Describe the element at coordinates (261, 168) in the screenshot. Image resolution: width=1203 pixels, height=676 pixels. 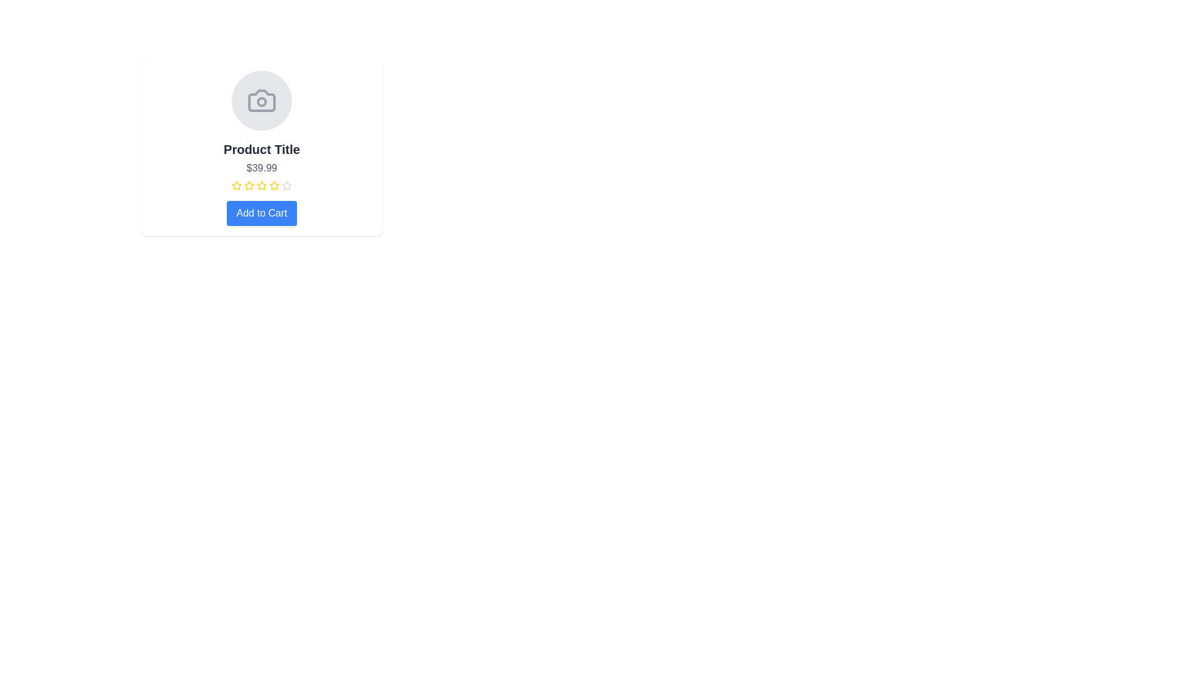
I see `price text displayed in the product details card, located beneath the 'Product Title' and above the star rating elements` at that location.